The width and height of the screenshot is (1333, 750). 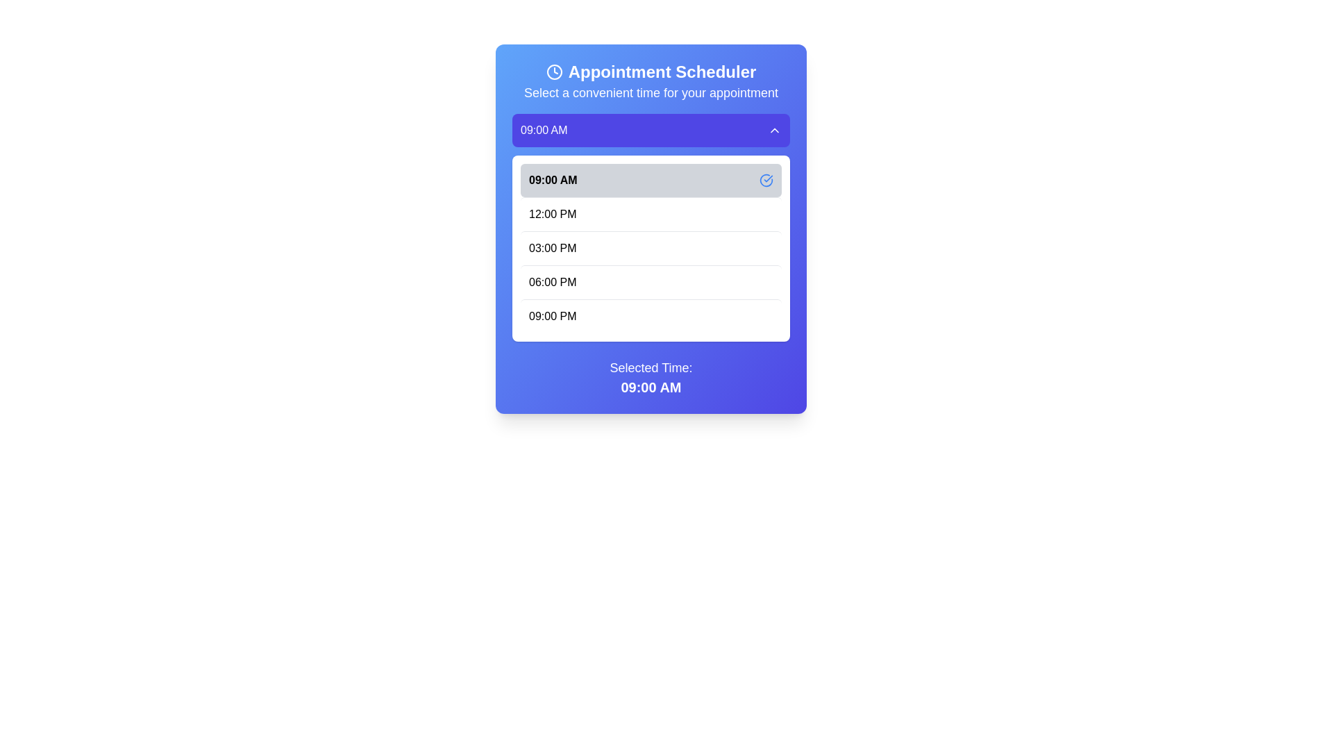 I want to click on the text label that reads 'Selected Time:' which is bold and large, located at the bottom of the scheduler interface above the '09:00 AM' time display, so click(x=650, y=367).